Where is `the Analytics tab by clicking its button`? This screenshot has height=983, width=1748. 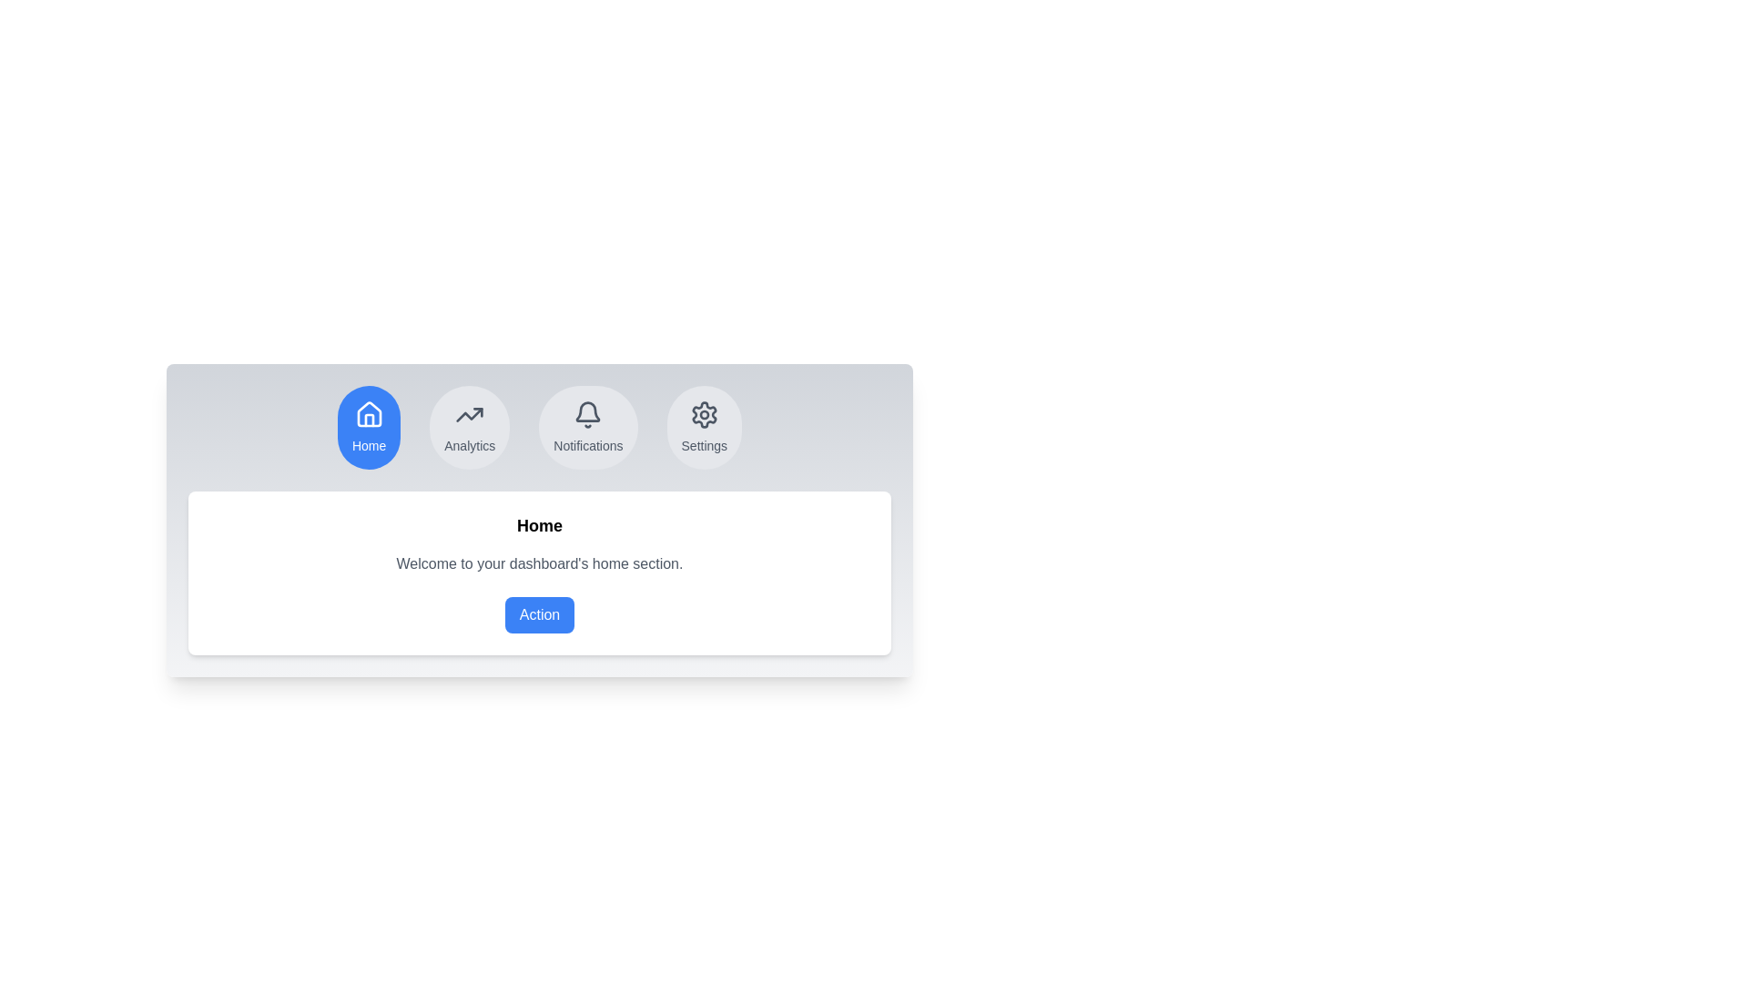 the Analytics tab by clicking its button is located at coordinates (469, 428).